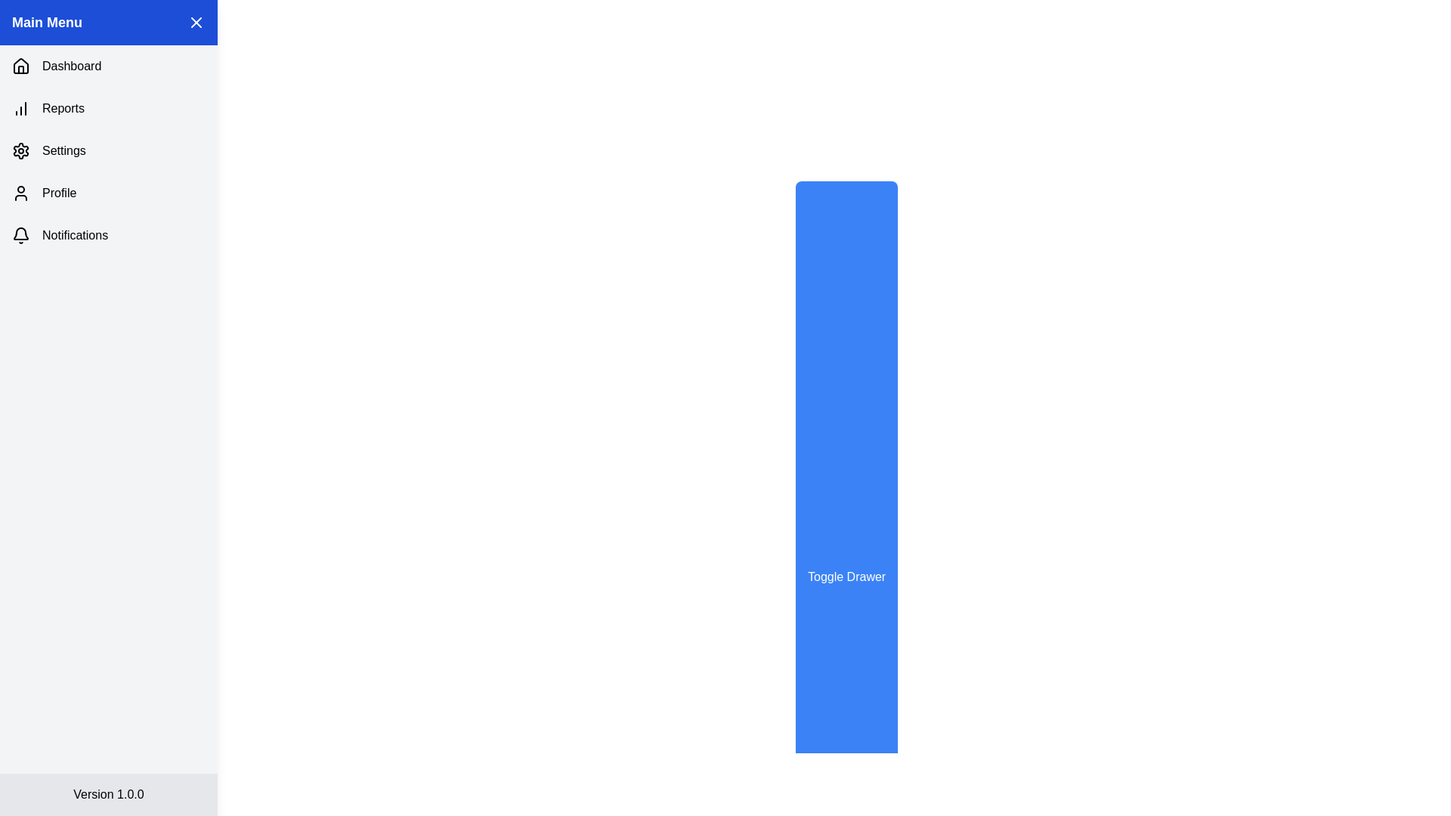 Image resolution: width=1451 pixels, height=816 pixels. What do you see at coordinates (195, 23) in the screenshot?
I see `the white 'X' icon on the blue header bar` at bounding box center [195, 23].